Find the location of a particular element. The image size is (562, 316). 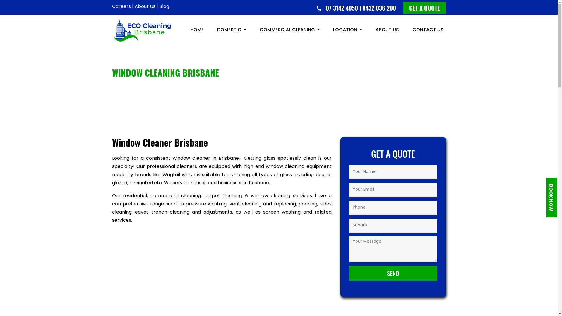

'About Us |' is located at coordinates (134, 6).